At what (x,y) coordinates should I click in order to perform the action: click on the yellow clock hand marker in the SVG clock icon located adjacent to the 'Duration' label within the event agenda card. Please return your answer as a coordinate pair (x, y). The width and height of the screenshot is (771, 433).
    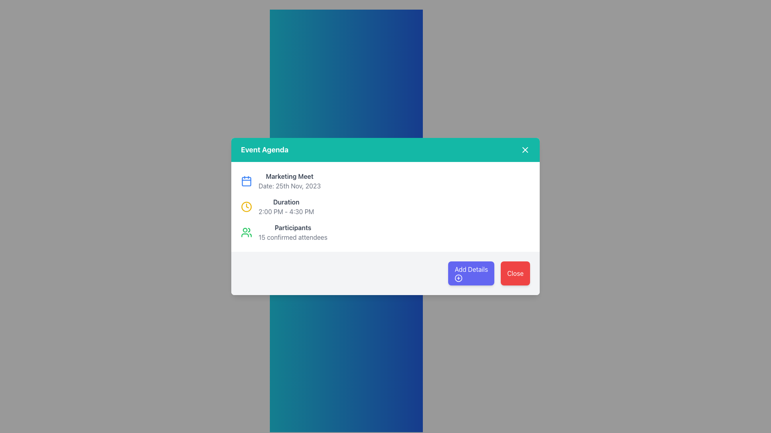
    Looking at the image, I should click on (247, 205).